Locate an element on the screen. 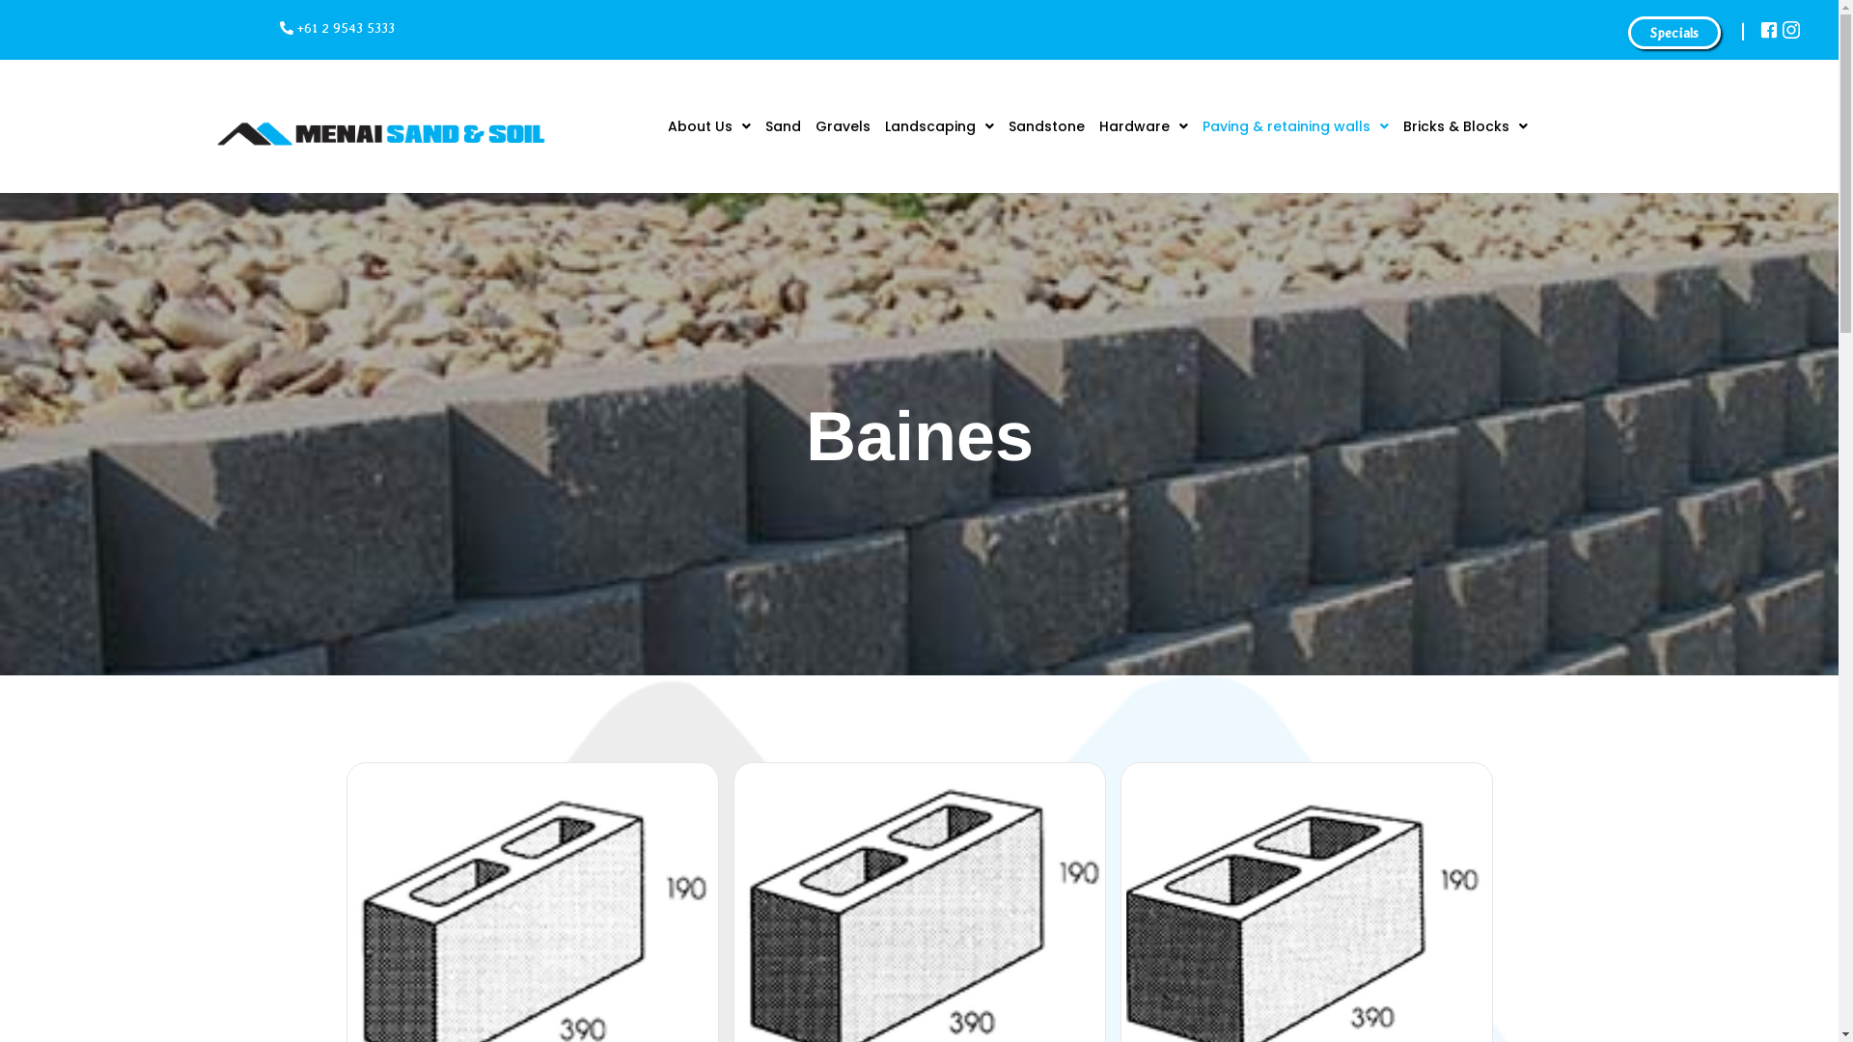 The height and width of the screenshot is (1042, 1853). 'Landscaping' is located at coordinates (946, 126).